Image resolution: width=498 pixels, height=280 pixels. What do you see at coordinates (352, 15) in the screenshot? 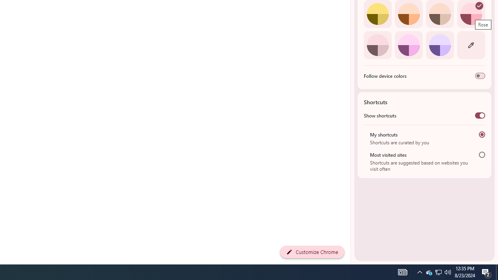
I see `'Side Panel Resize Handle'` at bounding box center [352, 15].